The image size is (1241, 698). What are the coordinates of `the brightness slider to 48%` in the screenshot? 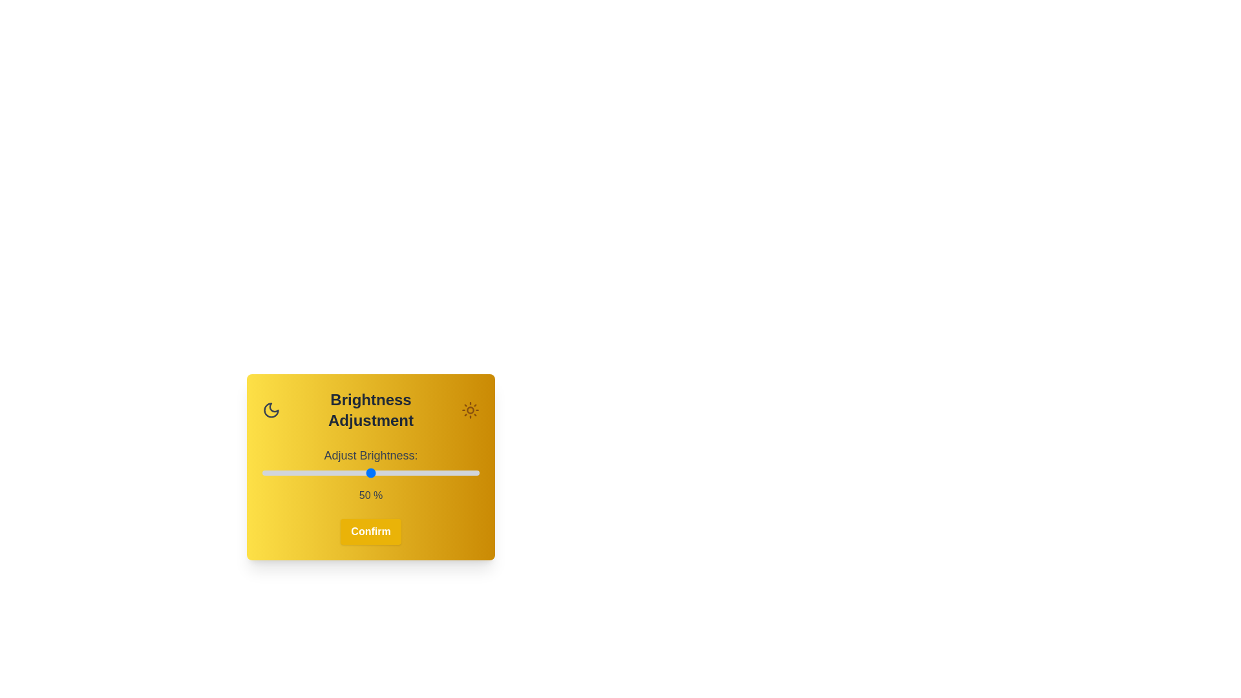 It's located at (366, 473).